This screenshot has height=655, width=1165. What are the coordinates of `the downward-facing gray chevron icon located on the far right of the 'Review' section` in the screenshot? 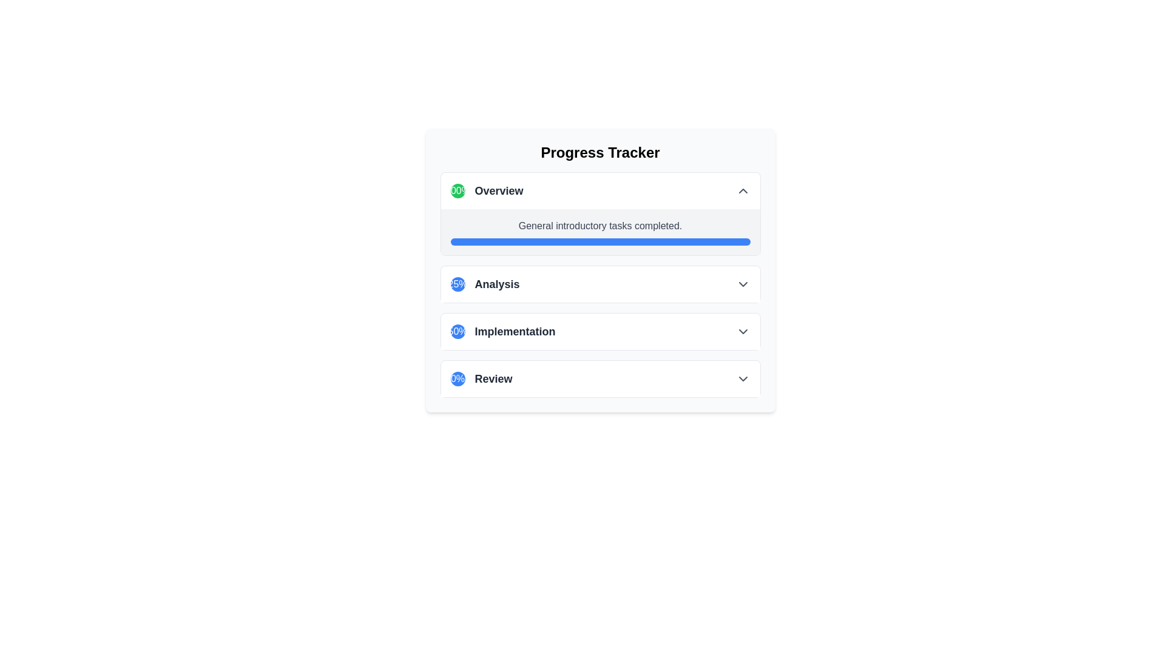 It's located at (742, 378).